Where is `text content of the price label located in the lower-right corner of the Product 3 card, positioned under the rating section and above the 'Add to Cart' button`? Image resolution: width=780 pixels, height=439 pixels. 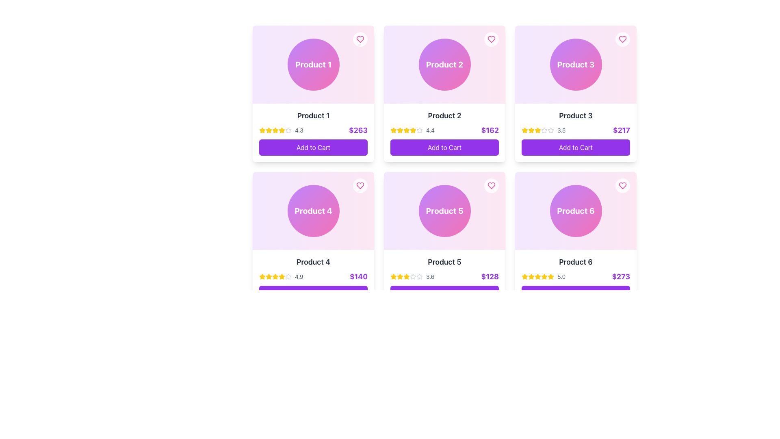 text content of the price label located in the lower-right corner of the Product 3 card, positioned under the rating section and above the 'Add to Cart' button is located at coordinates (621, 130).